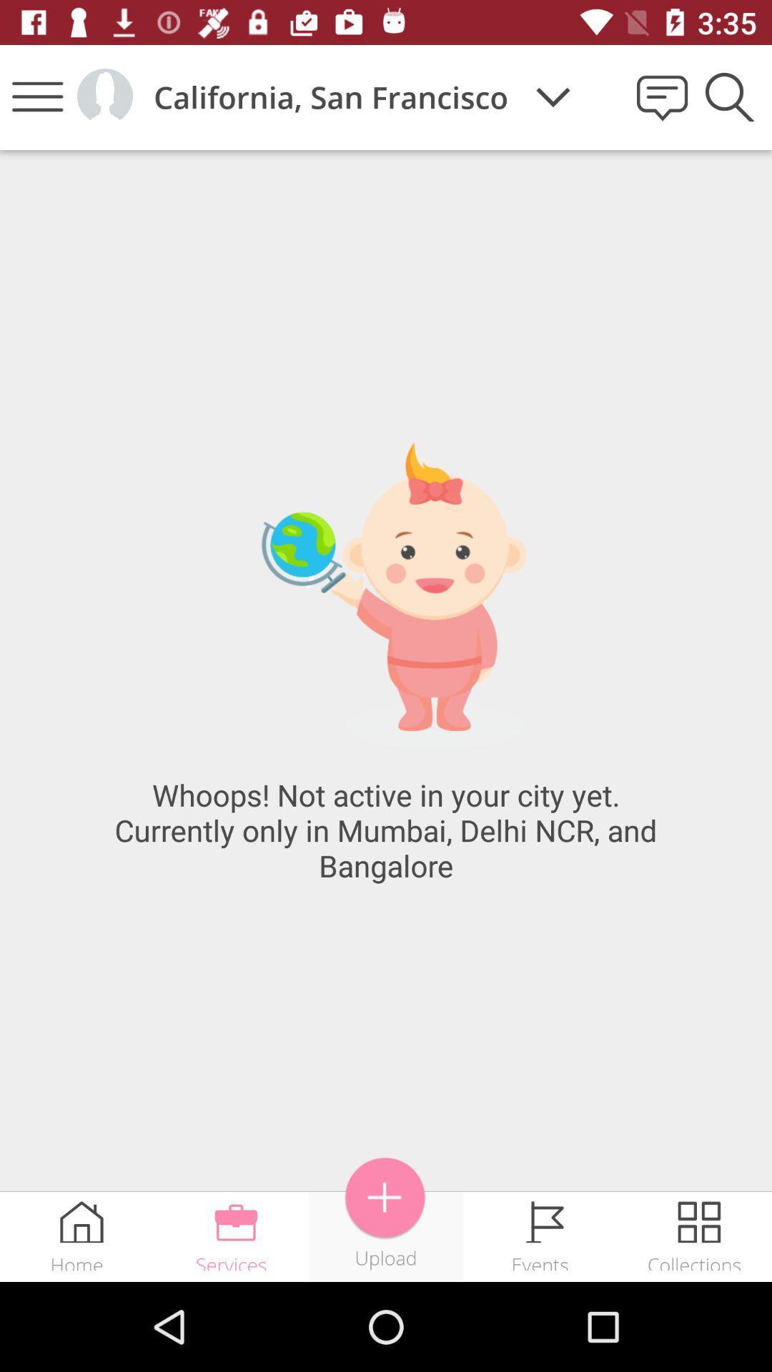 This screenshot has width=772, height=1372. I want to click on item to the right of california, san francisco item, so click(553, 96).